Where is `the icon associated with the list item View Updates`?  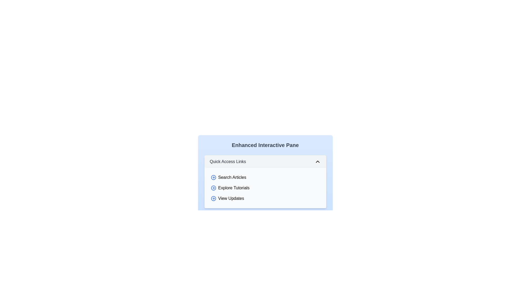
the icon associated with the list item View Updates is located at coordinates (213, 199).